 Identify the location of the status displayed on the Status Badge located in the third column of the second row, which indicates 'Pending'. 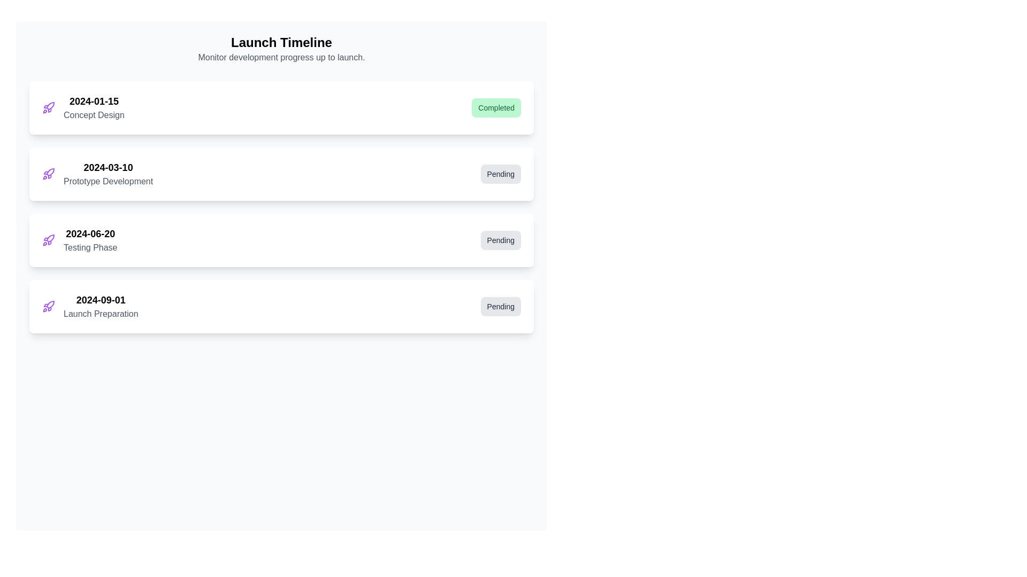
(500, 174).